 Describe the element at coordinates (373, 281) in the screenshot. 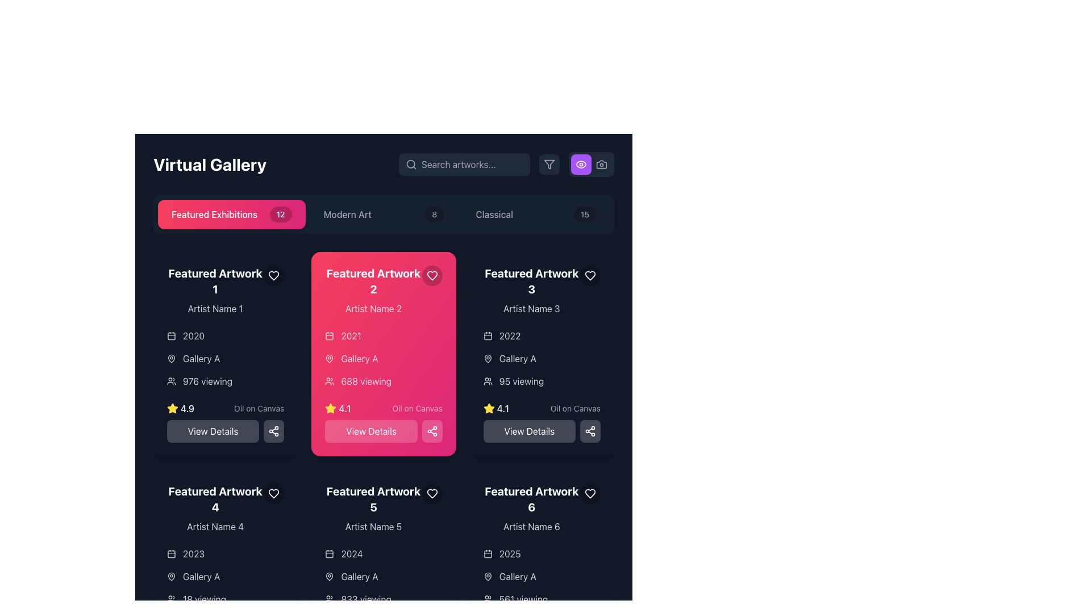

I see `text label or heading that serves as the title for the displayed artwork, which is centered inside the pink card labeled 'Featured Artwork 2' in the second column of the artwork grid` at that location.